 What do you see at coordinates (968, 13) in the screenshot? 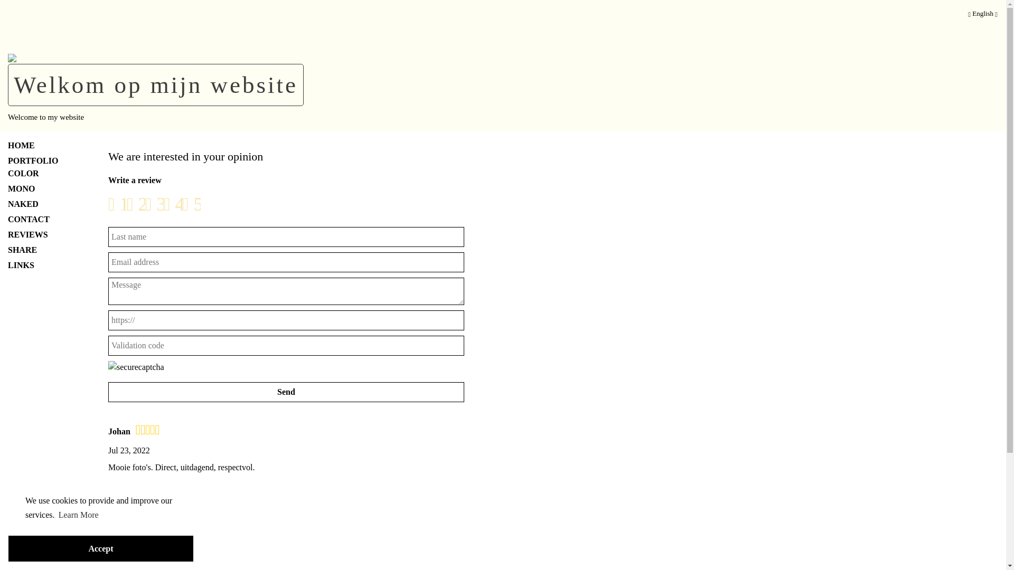
I see `'English'` at bounding box center [968, 13].